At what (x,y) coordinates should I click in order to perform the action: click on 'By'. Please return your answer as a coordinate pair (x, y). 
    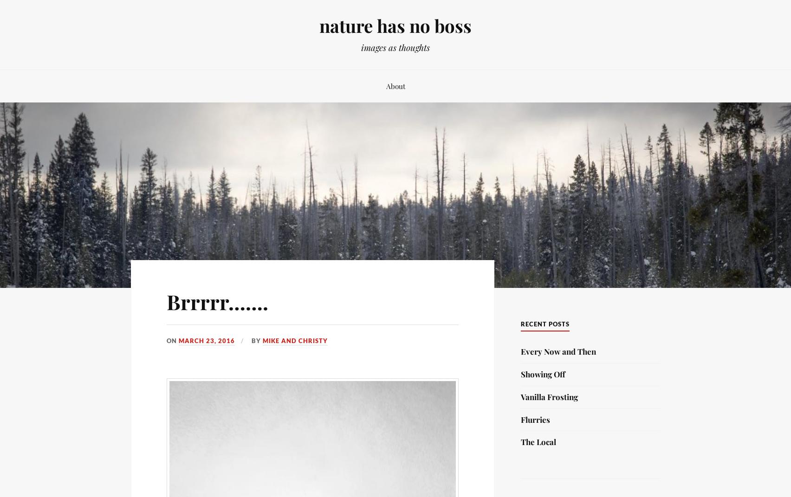
    Looking at the image, I should click on (256, 339).